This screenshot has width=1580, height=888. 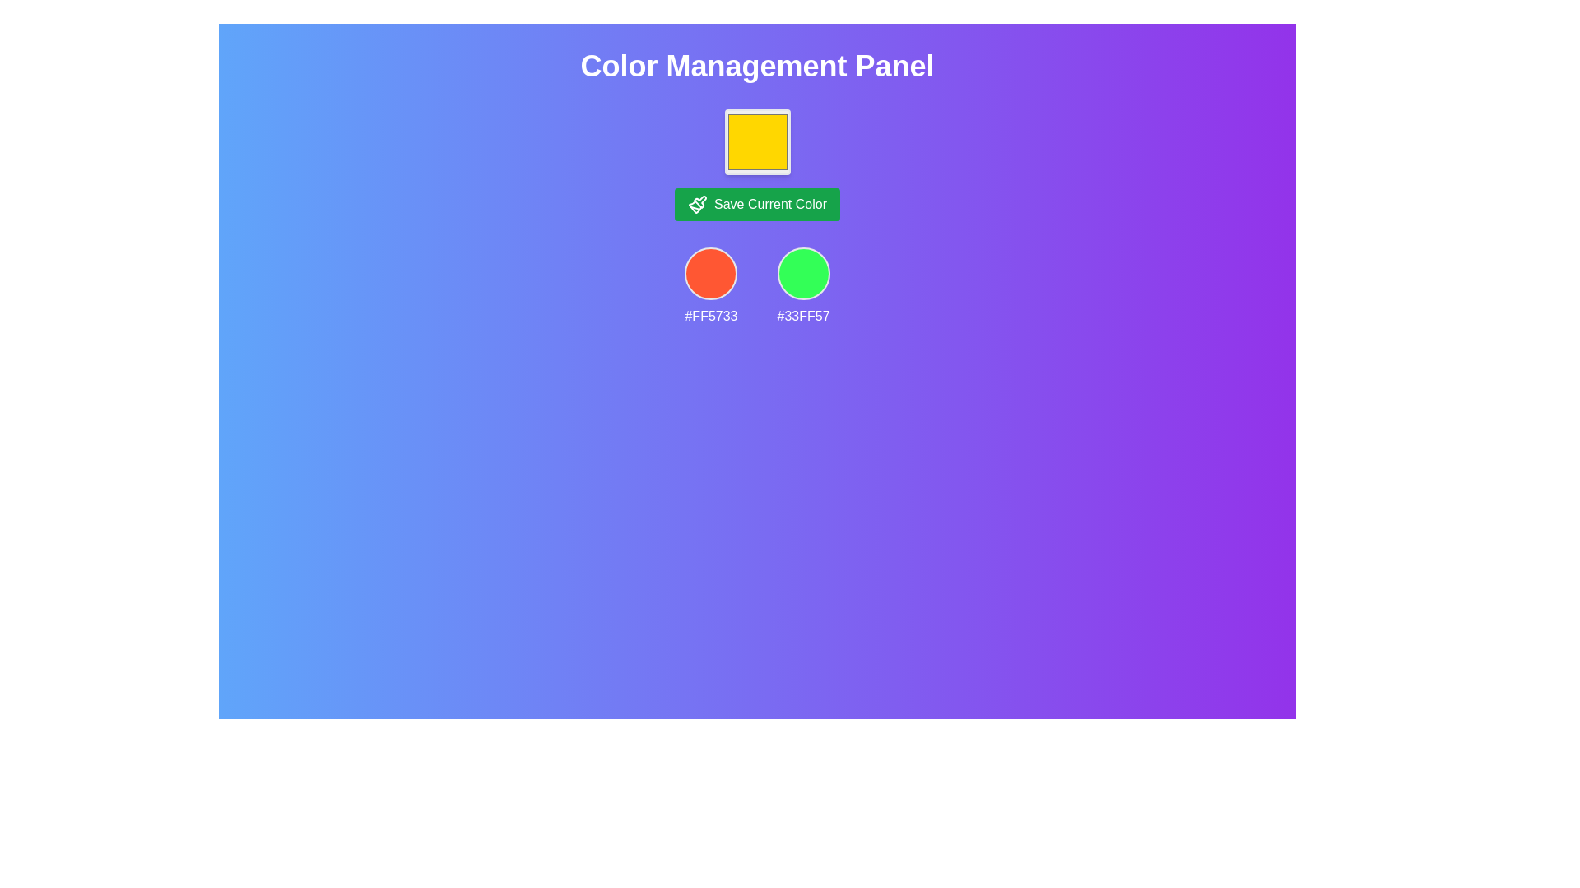 I want to click on the Color Preview Circle representing the color #33FF57, which is the second circular element in the color management interface, so click(x=803, y=272).